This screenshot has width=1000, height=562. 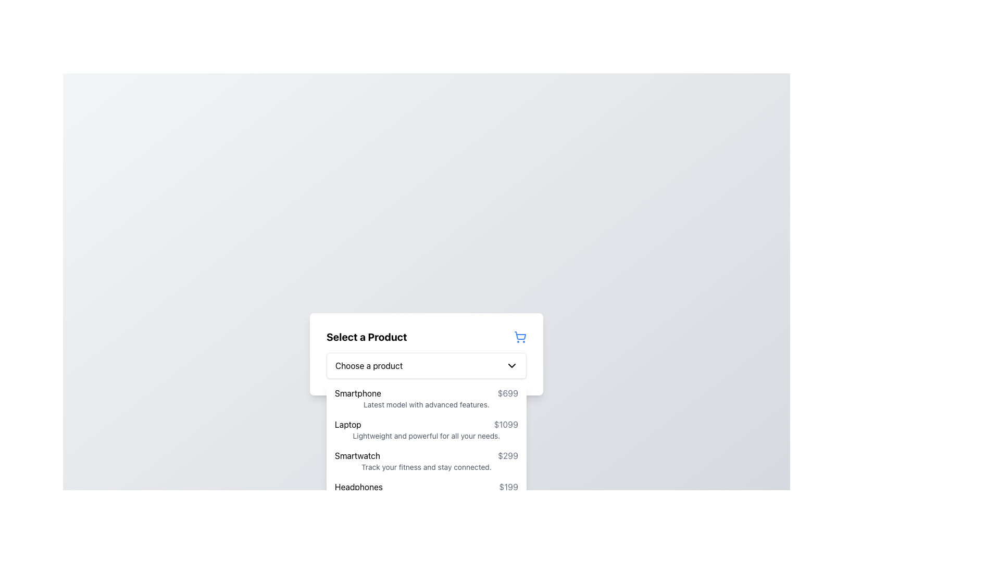 I want to click on the first item in the list displaying the name 'Smartphone' and its price '$699', so click(x=427, y=398).